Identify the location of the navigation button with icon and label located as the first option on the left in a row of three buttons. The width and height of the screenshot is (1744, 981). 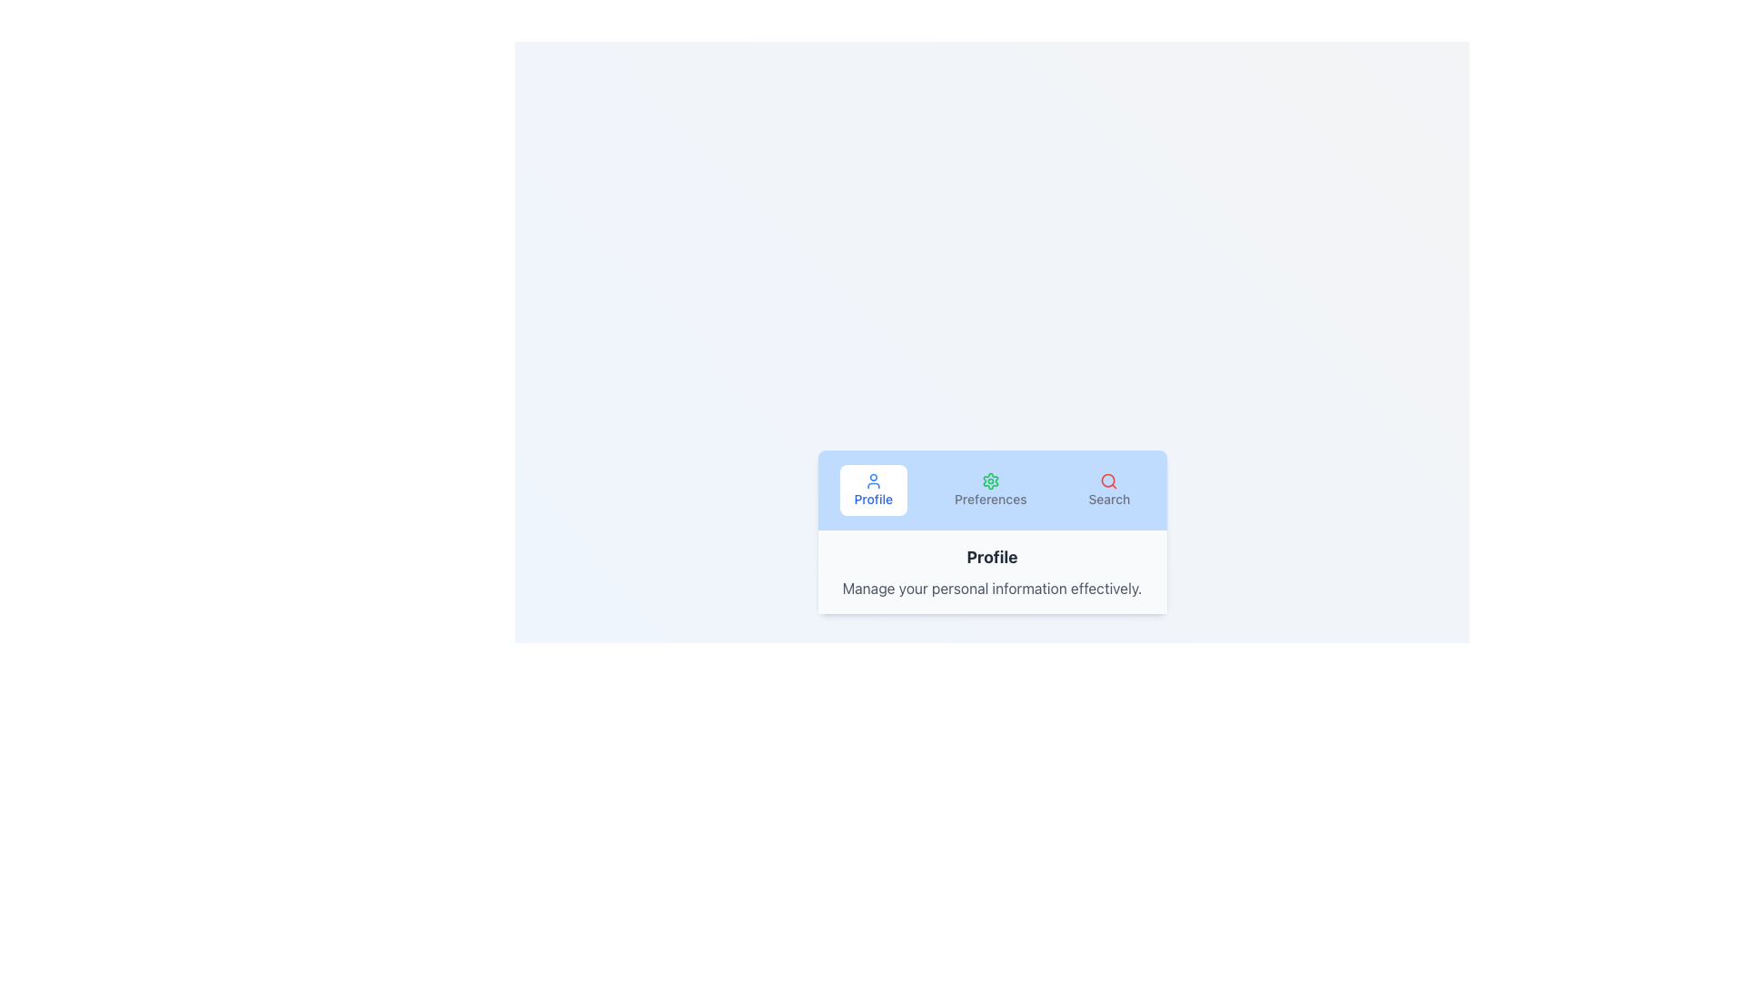
(873, 490).